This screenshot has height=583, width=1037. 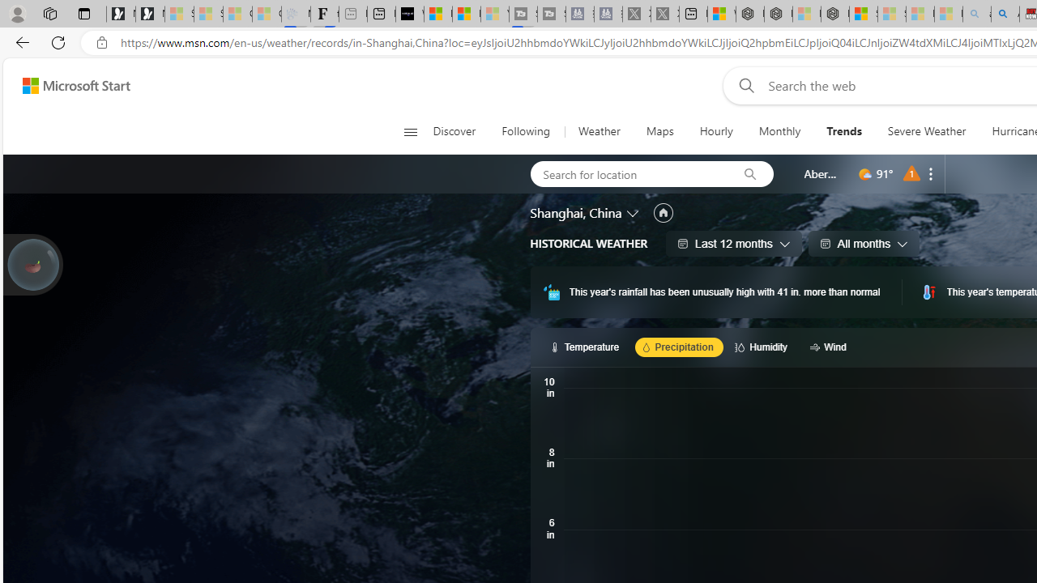 What do you see at coordinates (931, 173) in the screenshot?
I see `'Remove location'` at bounding box center [931, 173].